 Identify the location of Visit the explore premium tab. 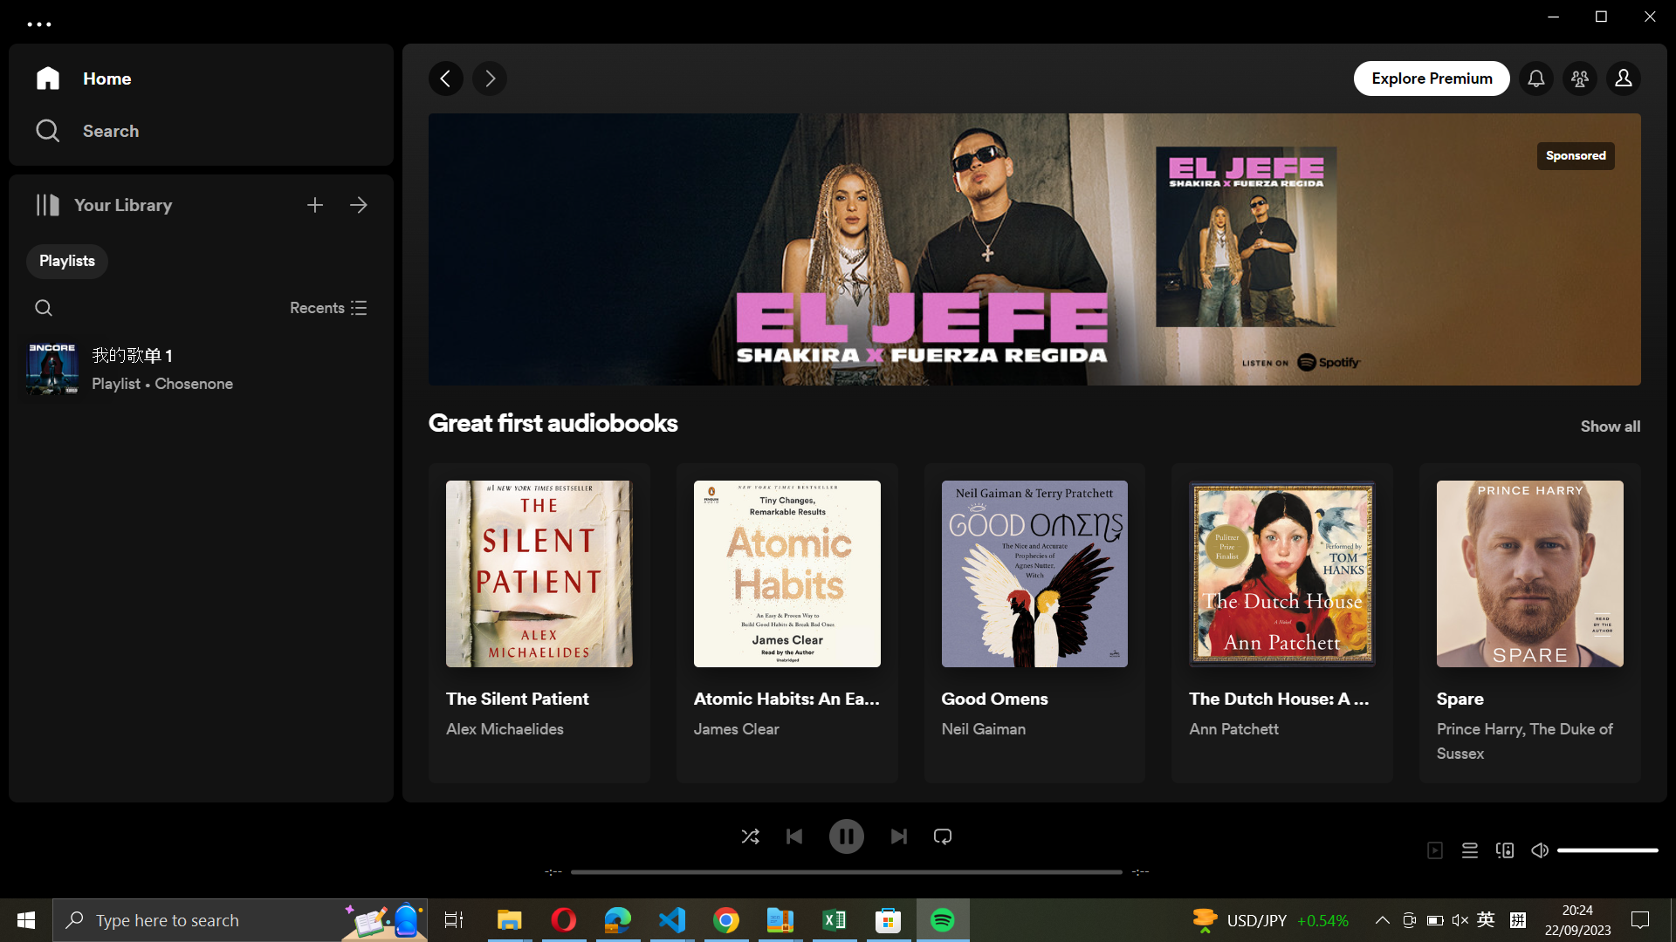
(1433, 77).